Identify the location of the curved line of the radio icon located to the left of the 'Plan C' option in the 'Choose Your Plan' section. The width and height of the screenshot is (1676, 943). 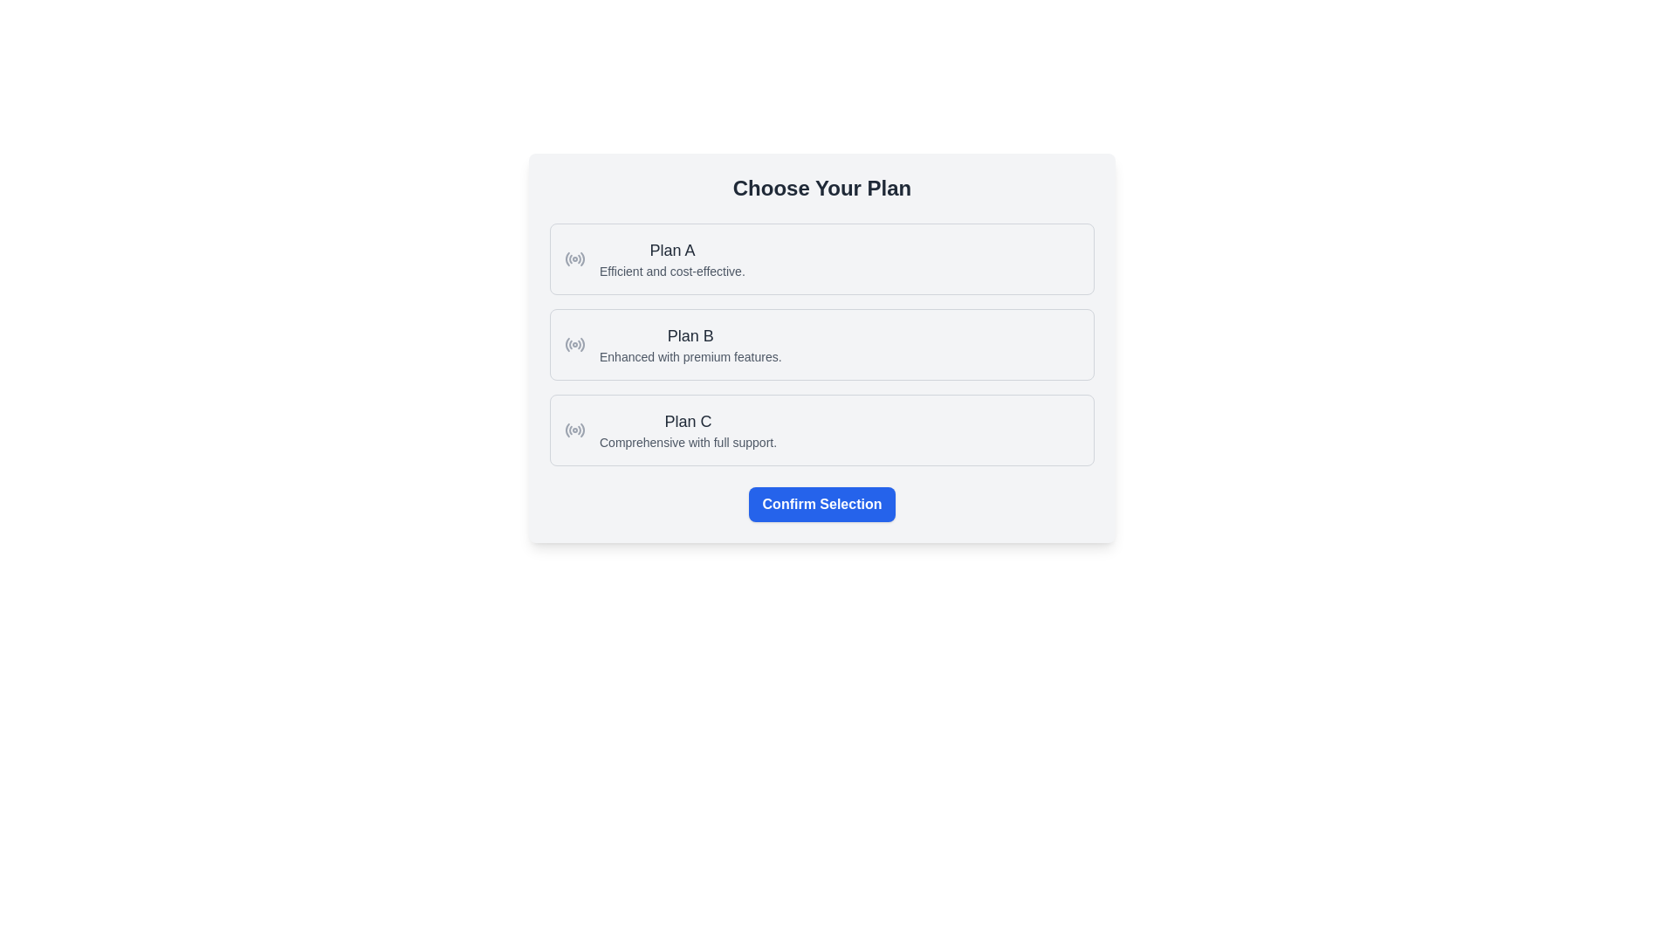
(580, 430).